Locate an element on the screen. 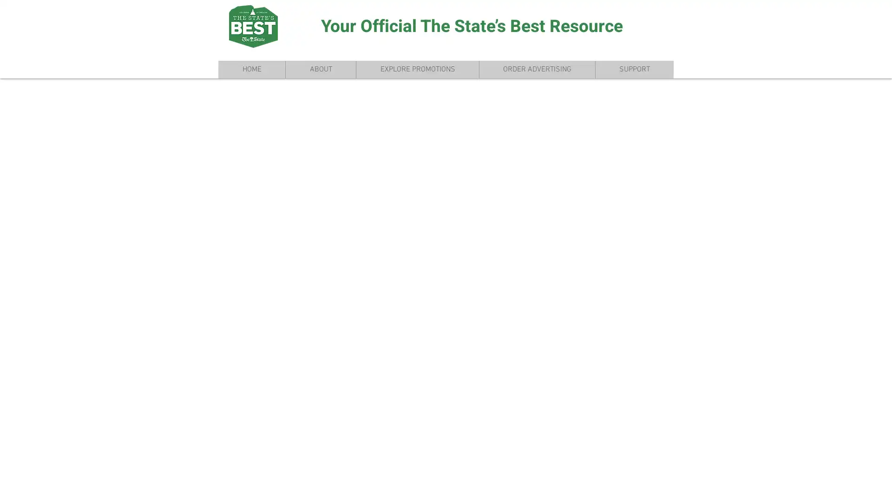 The width and height of the screenshot is (892, 501). Close is located at coordinates (880, 486).